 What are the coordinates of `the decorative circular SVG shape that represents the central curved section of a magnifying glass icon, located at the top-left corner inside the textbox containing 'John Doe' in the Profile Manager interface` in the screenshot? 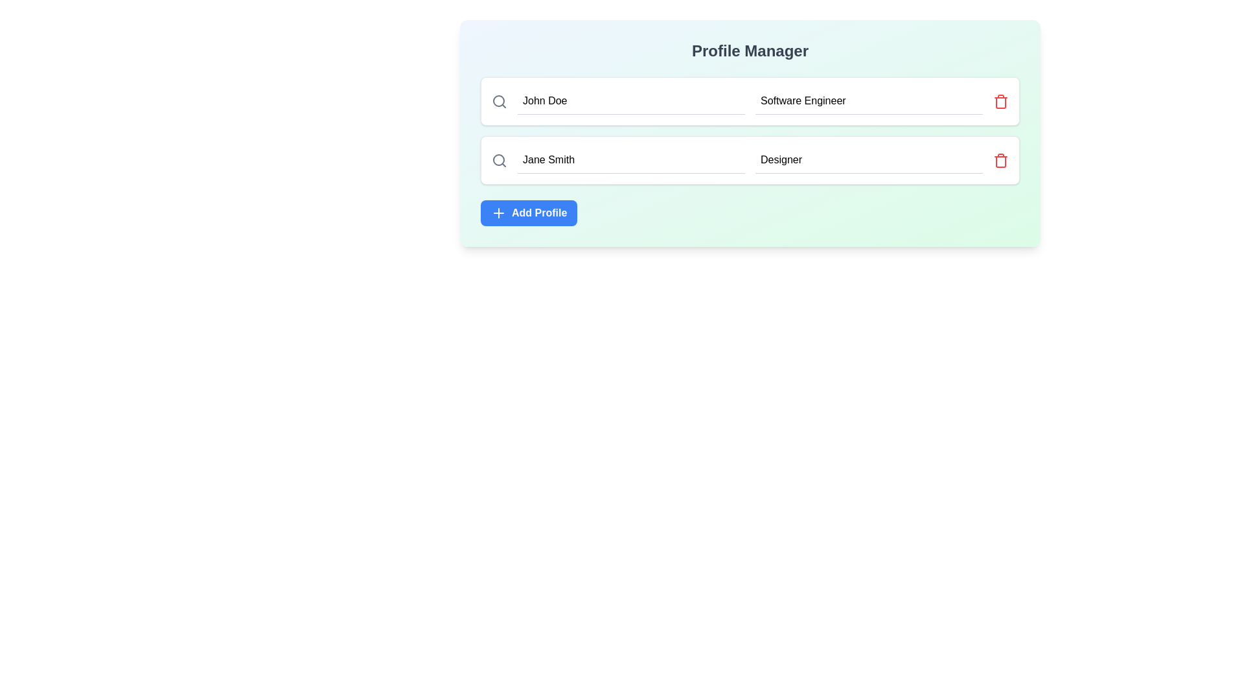 It's located at (498, 100).